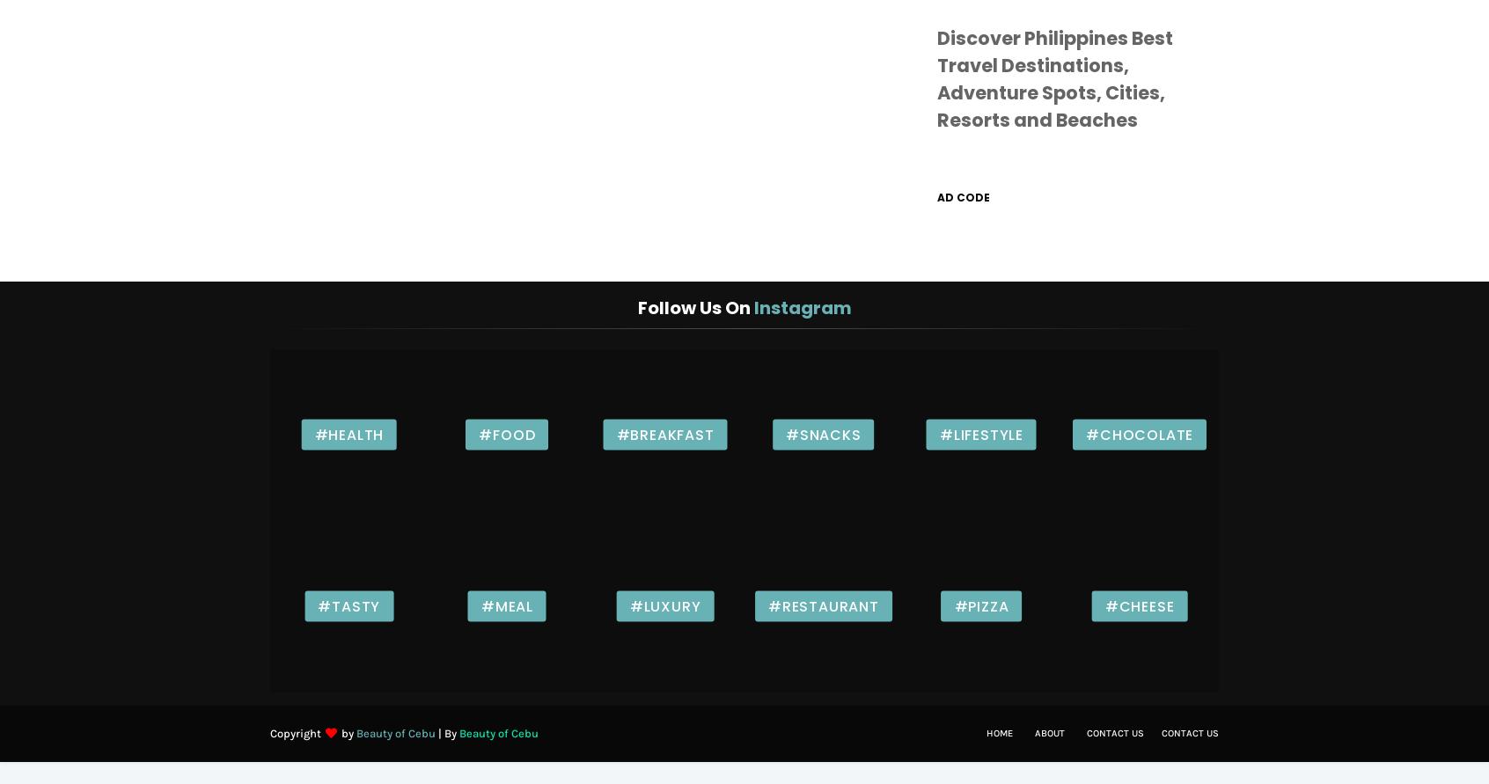 Image resolution: width=1489 pixels, height=784 pixels. I want to click on 'Follow Us On', so click(694, 306).